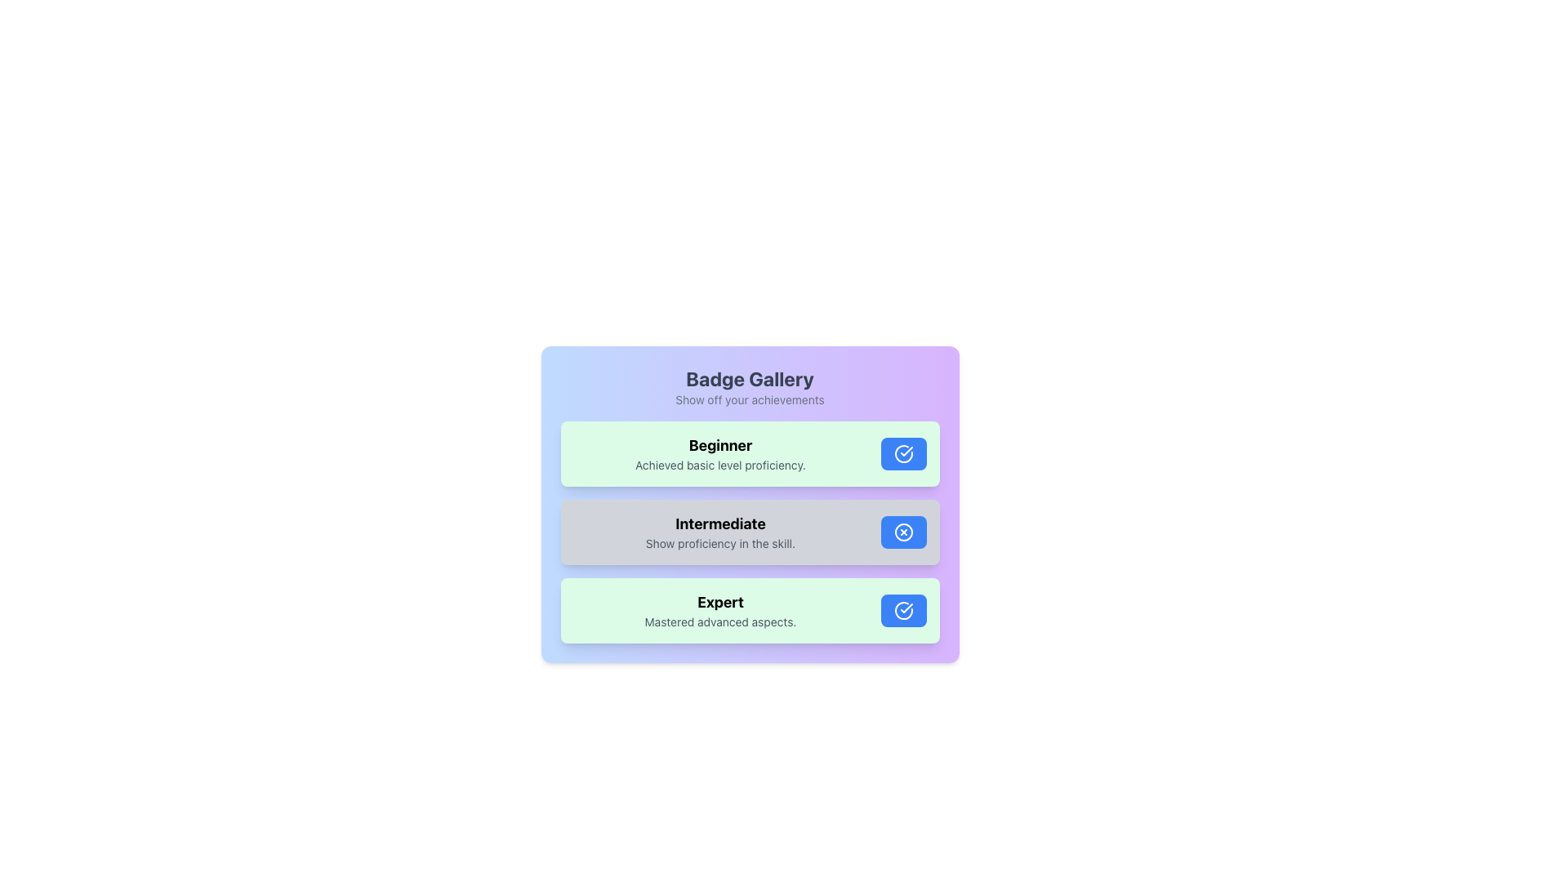  Describe the element at coordinates (719, 532) in the screenshot. I see `the text block that contains 'Intermediate' in bold black font and 'Show proficiency in the skill.' in smaller gray font, located centrally between 'Beginner' and 'Expert'` at that location.